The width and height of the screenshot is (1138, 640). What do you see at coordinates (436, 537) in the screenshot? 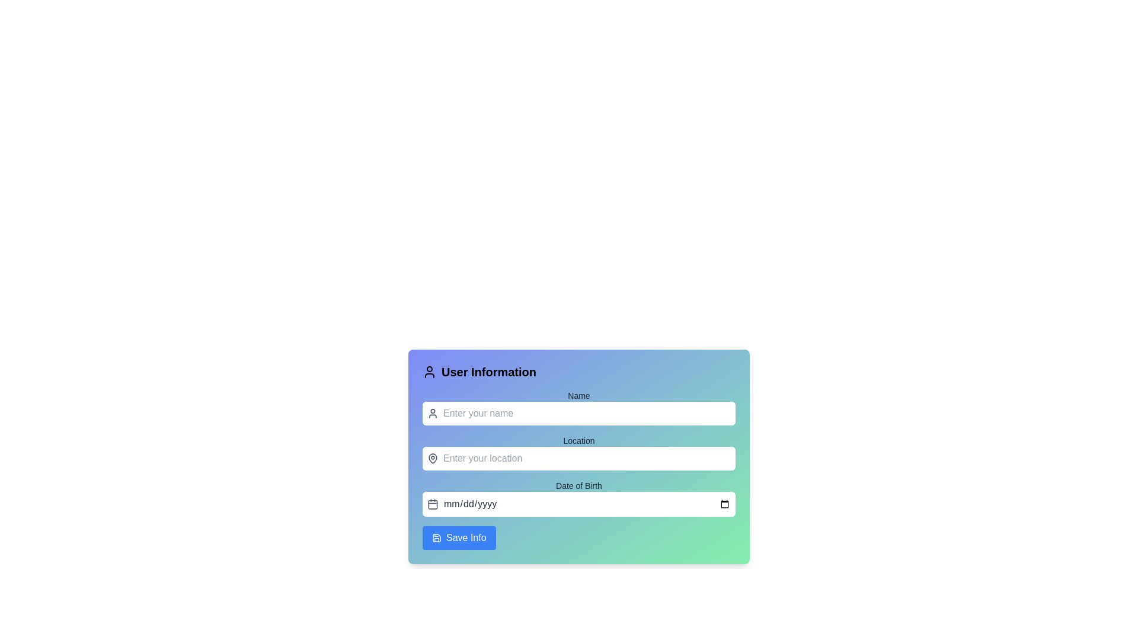
I see `the decorative graphical part of the save button labeled 'Save Info' by targeting its center point indirectly through the button` at bounding box center [436, 537].